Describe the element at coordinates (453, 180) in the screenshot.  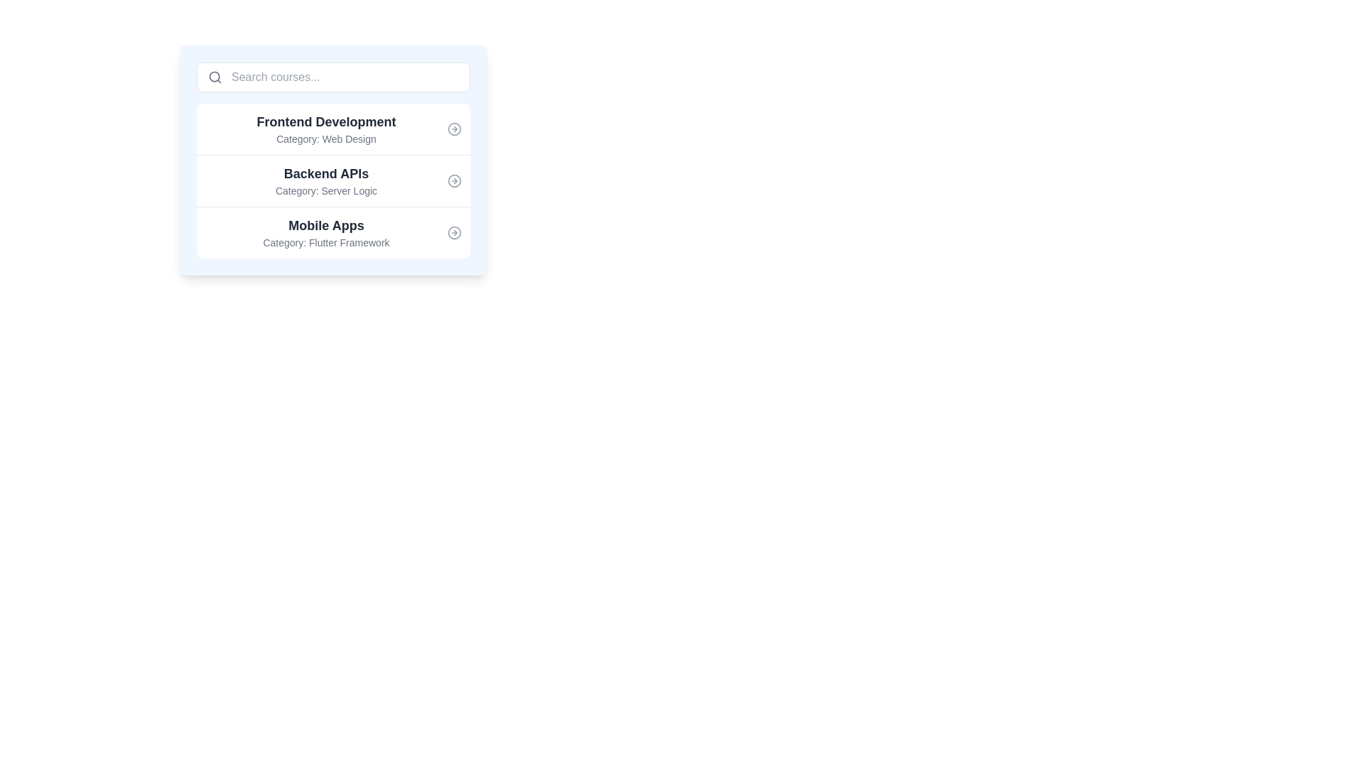
I see `the navigation icon located to the far right of the 'Backend APIs' list item` at that location.